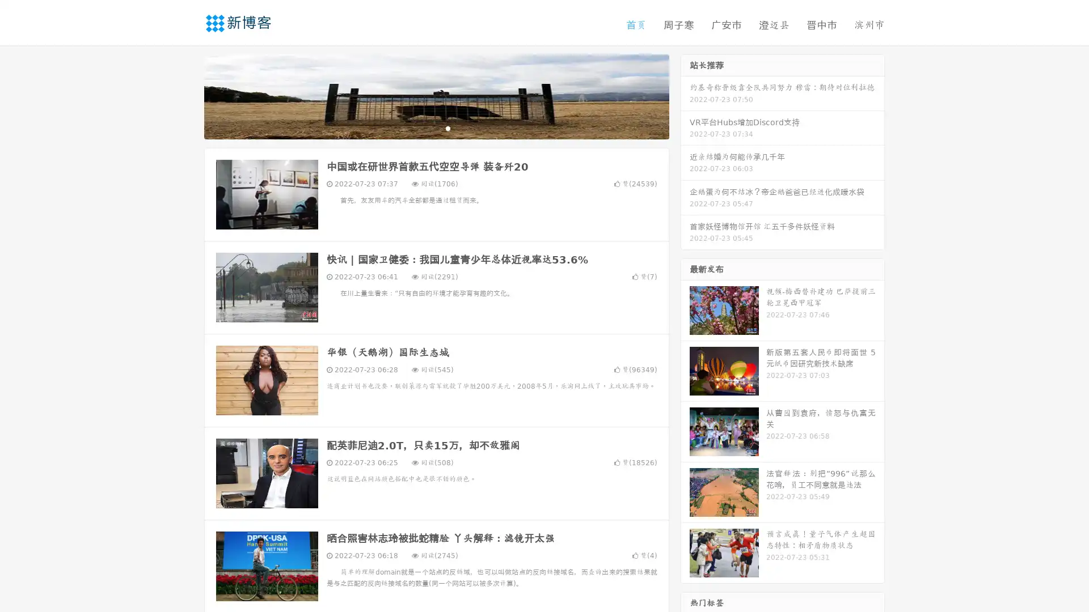 The height and width of the screenshot is (612, 1089). What do you see at coordinates (424, 127) in the screenshot?
I see `Go to slide 1` at bounding box center [424, 127].